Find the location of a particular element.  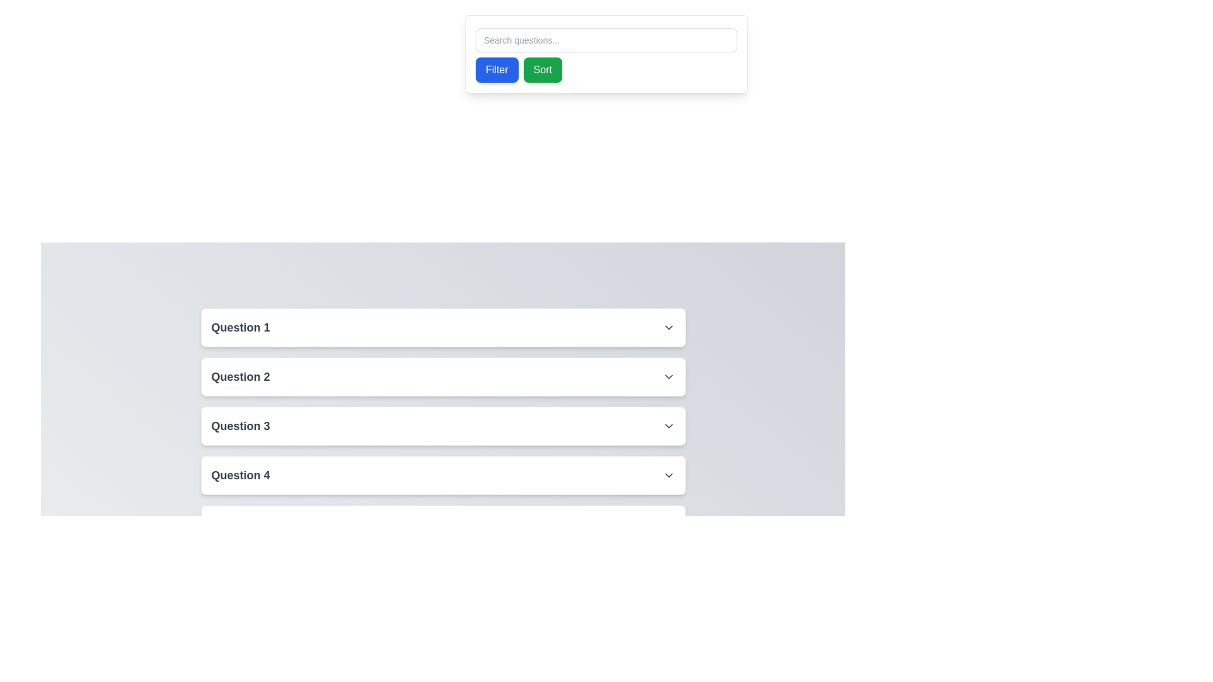

the 'Question 3' expandable list item is located at coordinates (443, 426).